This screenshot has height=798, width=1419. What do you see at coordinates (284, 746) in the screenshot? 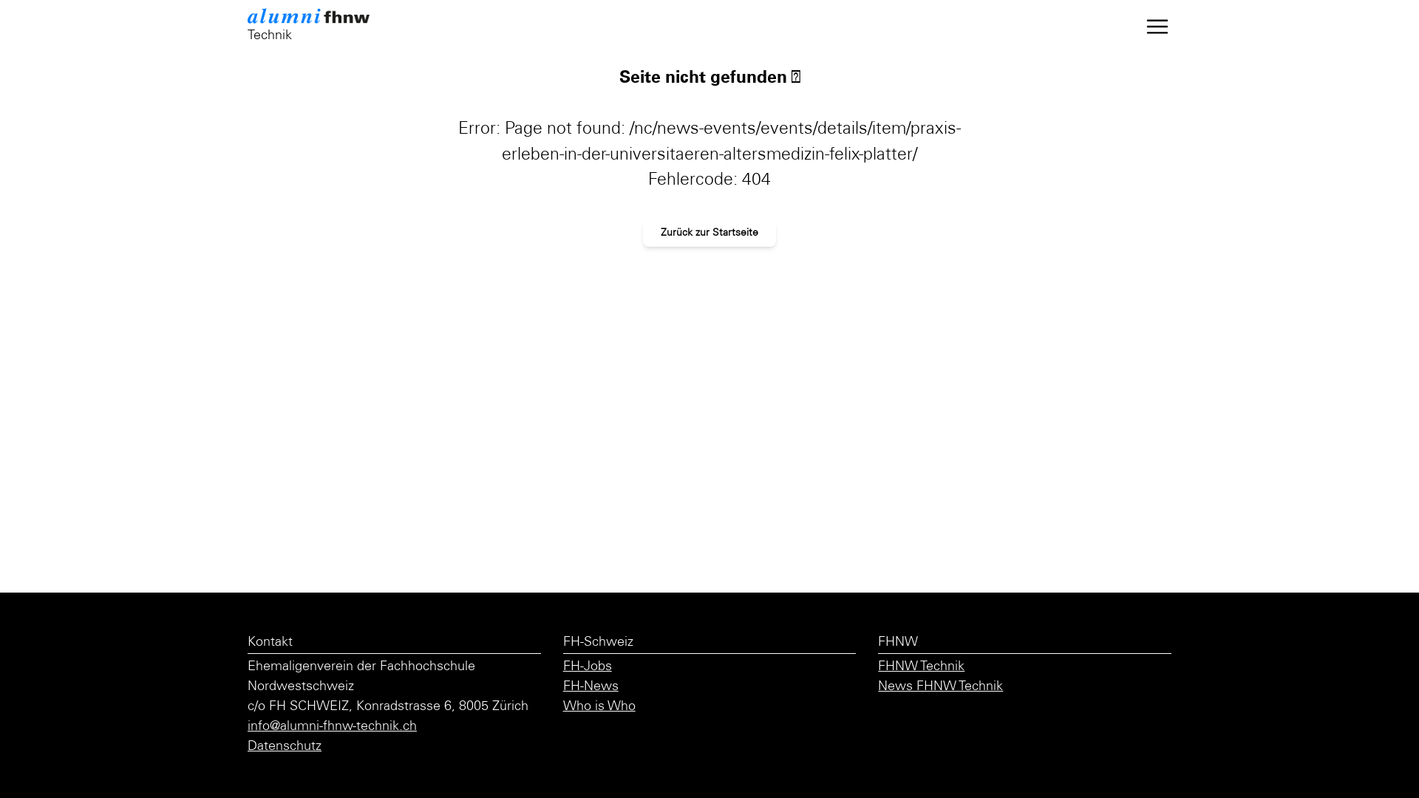
I see `'Datenschutz'` at bounding box center [284, 746].